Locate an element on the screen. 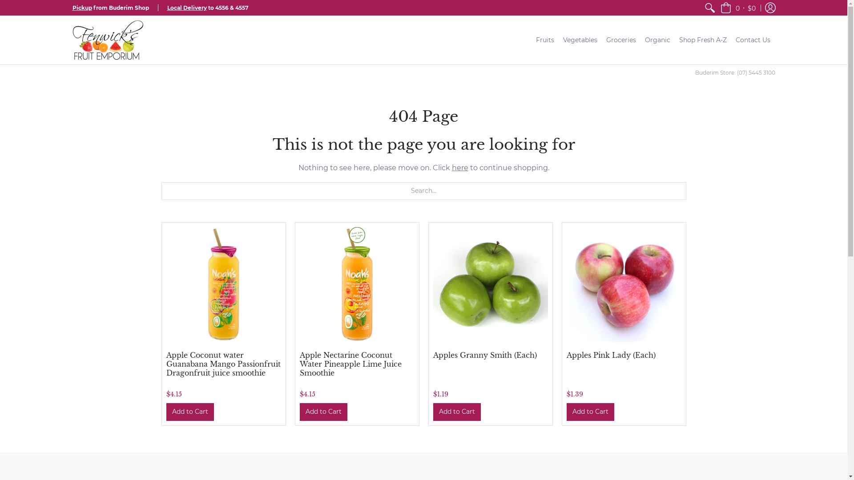  'Shop Fresh A-Z' is located at coordinates (702, 39).